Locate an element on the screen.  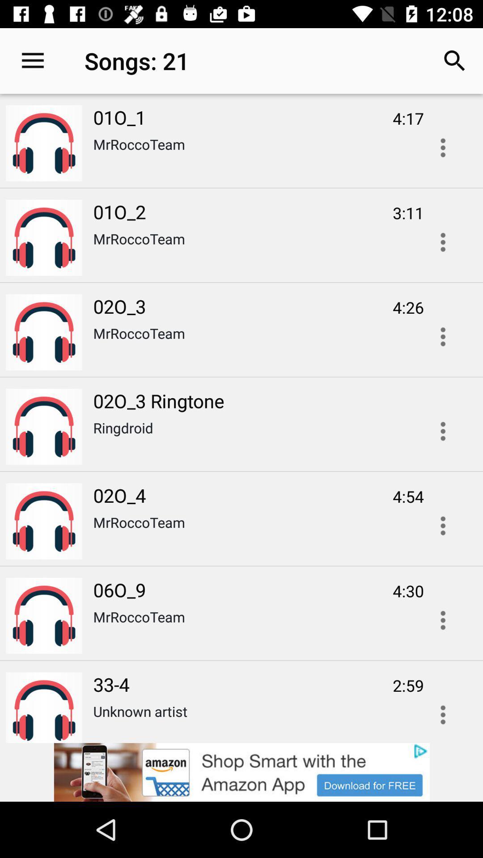
ringtone settings is located at coordinates (443, 431).